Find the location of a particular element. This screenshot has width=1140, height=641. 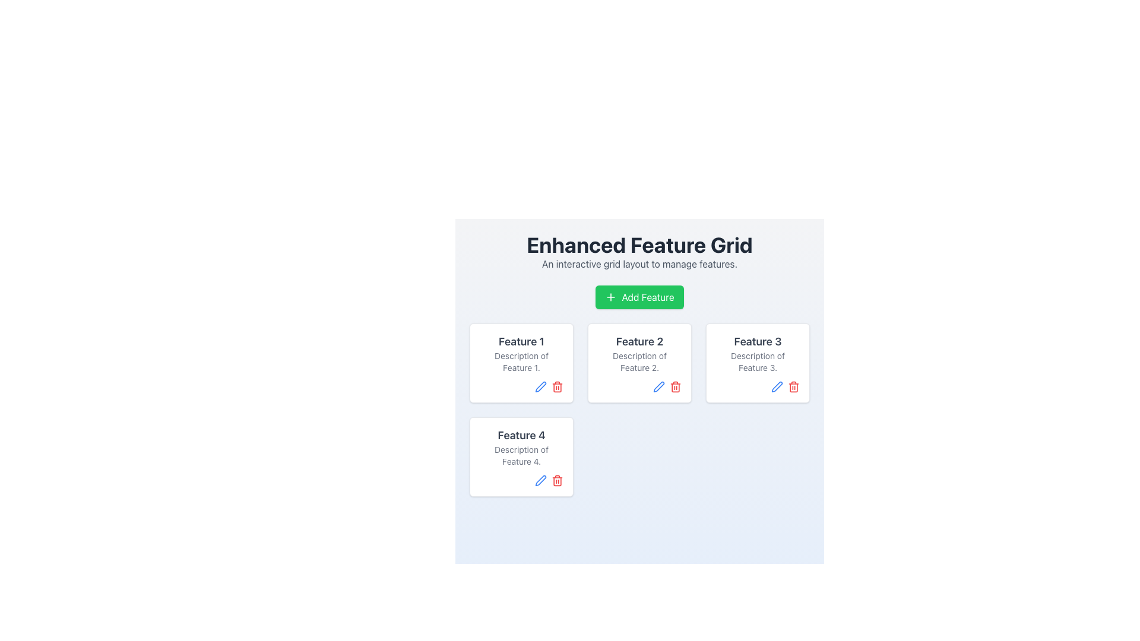

the button that adds a new feature to the grid, located at the top center below the 'Enhanced Feature Grid' title is located at coordinates (639, 297).